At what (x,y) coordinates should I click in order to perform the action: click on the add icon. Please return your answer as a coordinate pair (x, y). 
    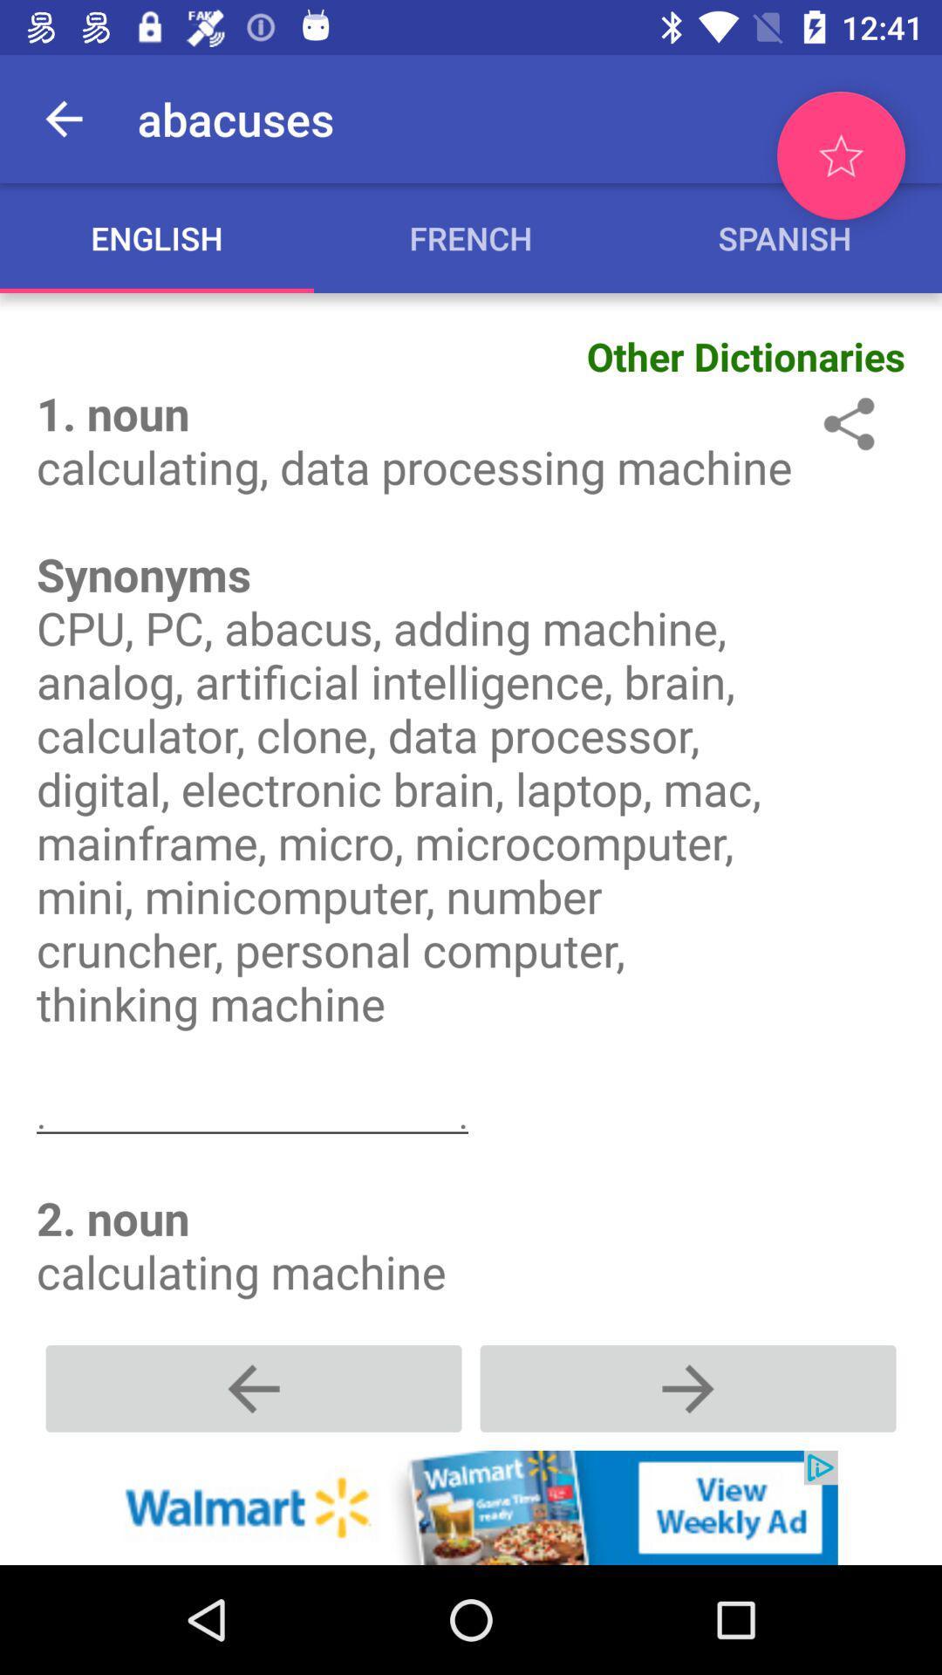
    Looking at the image, I should click on (253, 1387).